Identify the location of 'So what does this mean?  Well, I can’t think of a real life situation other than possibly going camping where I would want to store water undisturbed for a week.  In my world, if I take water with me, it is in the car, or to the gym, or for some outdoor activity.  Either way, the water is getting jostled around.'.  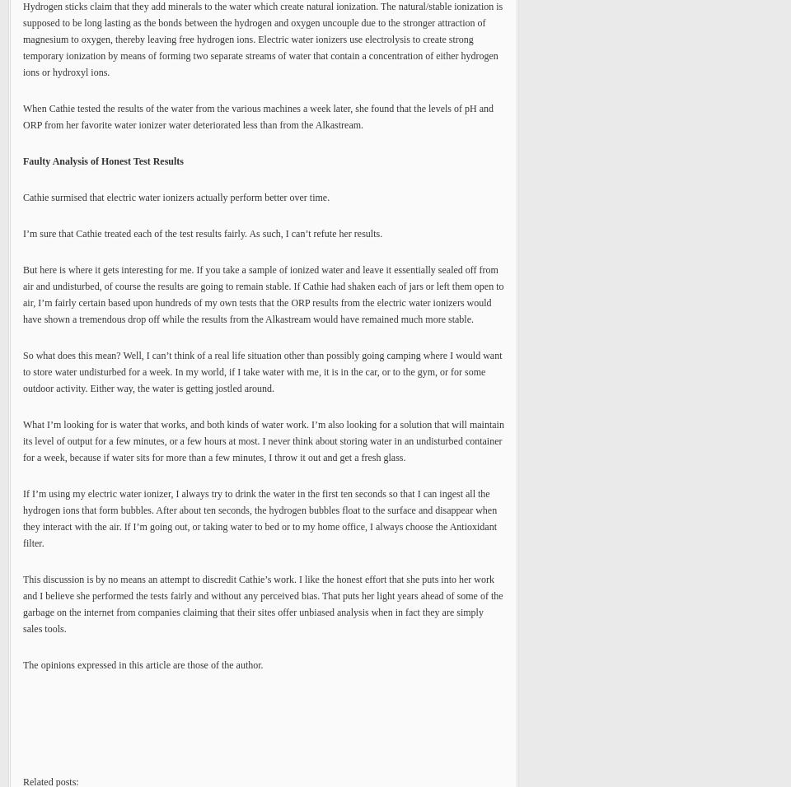
(262, 371).